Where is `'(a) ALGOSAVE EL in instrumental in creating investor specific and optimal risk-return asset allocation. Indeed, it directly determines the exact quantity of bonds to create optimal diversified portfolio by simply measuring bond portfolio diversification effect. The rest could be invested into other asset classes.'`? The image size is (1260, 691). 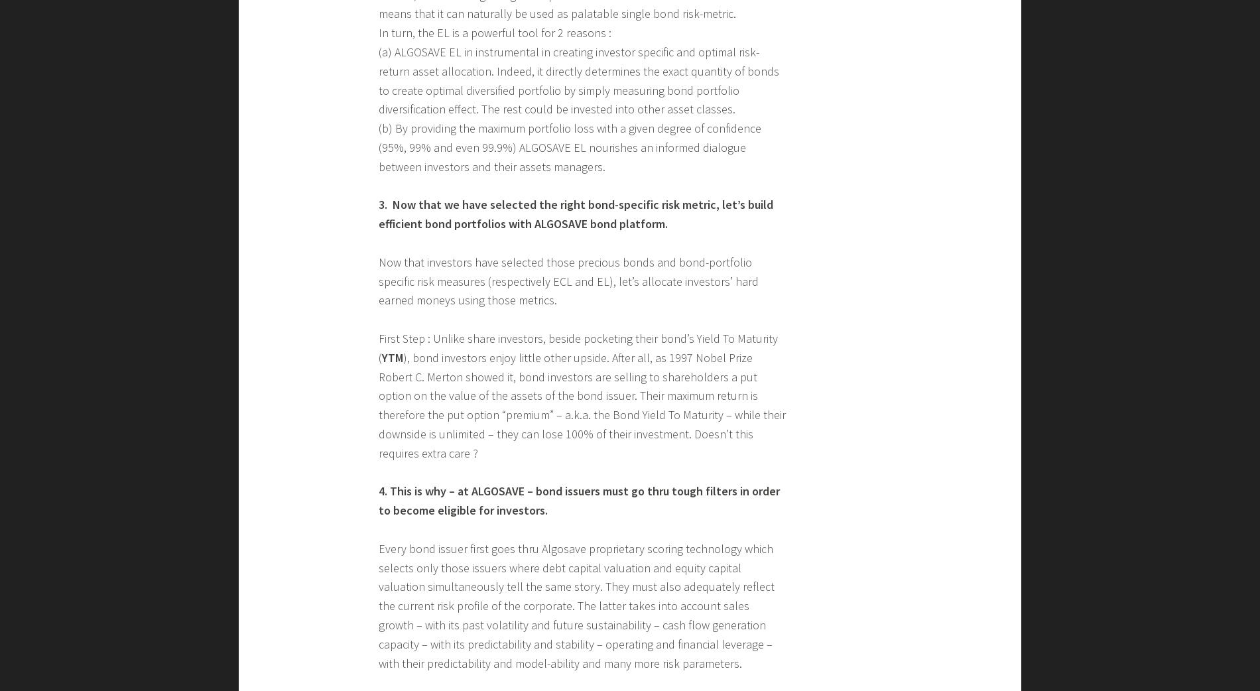
'(a) ALGOSAVE EL in instrumental in creating investor specific and optimal risk-return asset allocation. Indeed, it directly determines the exact quantity of bonds to create optimal diversified portfolio by simply measuring bond portfolio diversification effect. The rest could be invested into other asset classes.' is located at coordinates (578, 80).